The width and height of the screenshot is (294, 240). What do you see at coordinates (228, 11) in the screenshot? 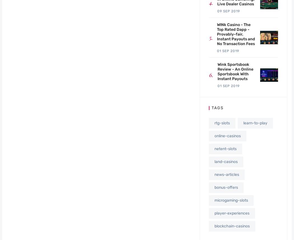
I see `'09 Sep 2019'` at bounding box center [228, 11].